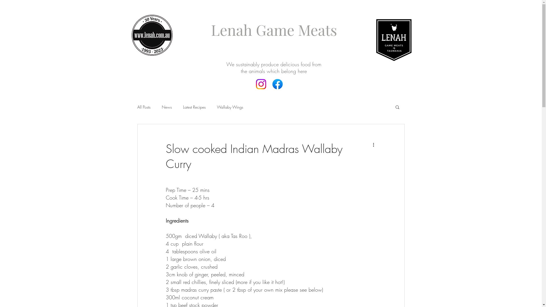  What do you see at coordinates (137, 107) in the screenshot?
I see `'All Posts'` at bounding box center [137, 107].